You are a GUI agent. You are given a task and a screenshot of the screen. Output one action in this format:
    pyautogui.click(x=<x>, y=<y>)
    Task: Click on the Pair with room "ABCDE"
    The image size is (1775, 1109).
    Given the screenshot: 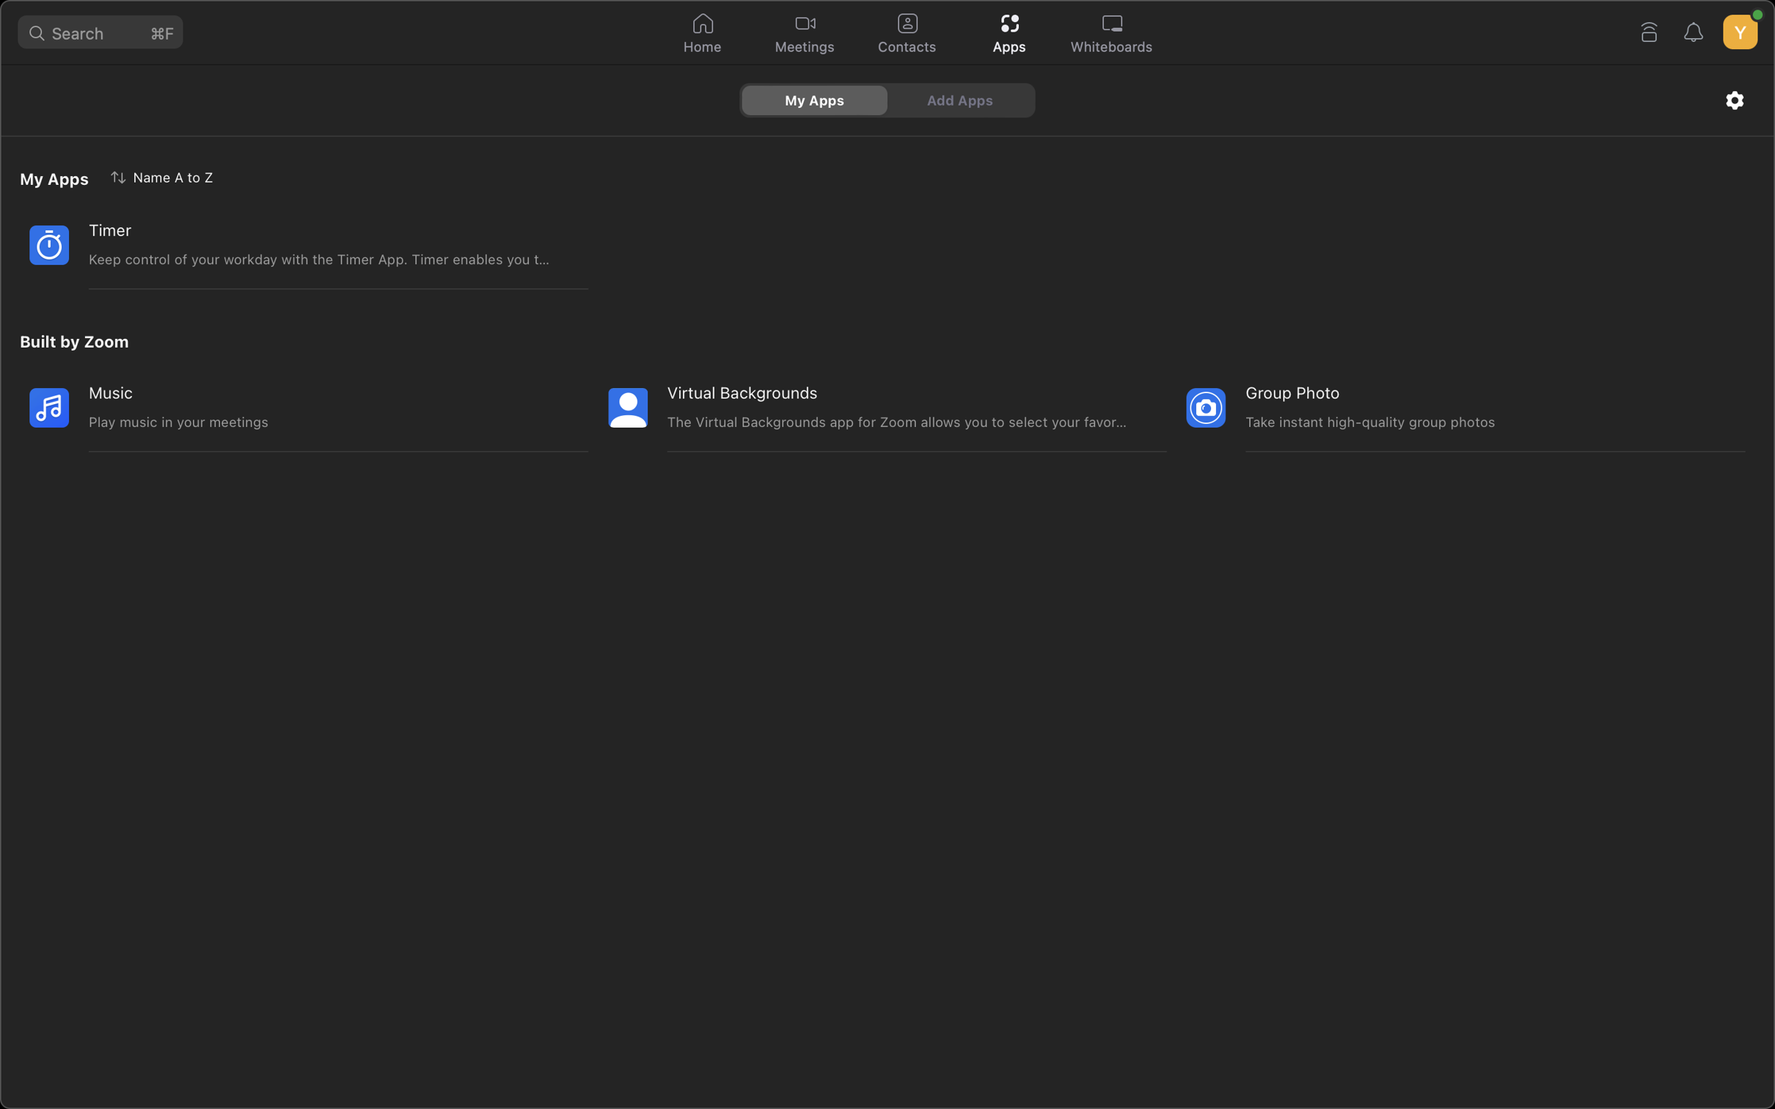 What is the action you would take?
    pyautogui.click(x=1647, y=30)
    